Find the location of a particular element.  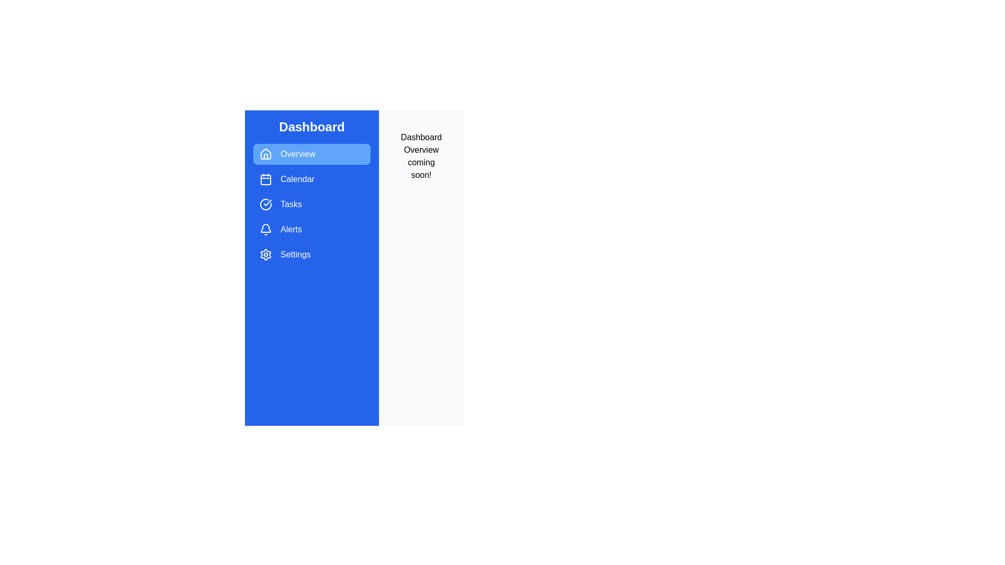

the 'Tasks' navigation button located in the sidebar section titled 'Dashboard' is located at coordinates (311, 204).